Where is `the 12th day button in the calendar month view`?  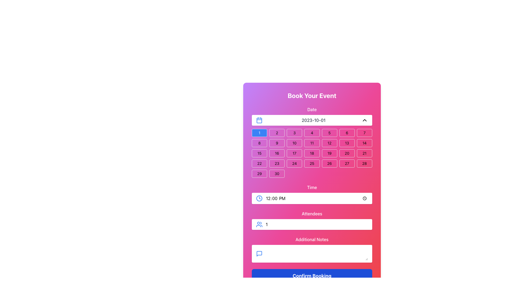 the 12th day button in the calendar month view is located at coordinates (329, 143).